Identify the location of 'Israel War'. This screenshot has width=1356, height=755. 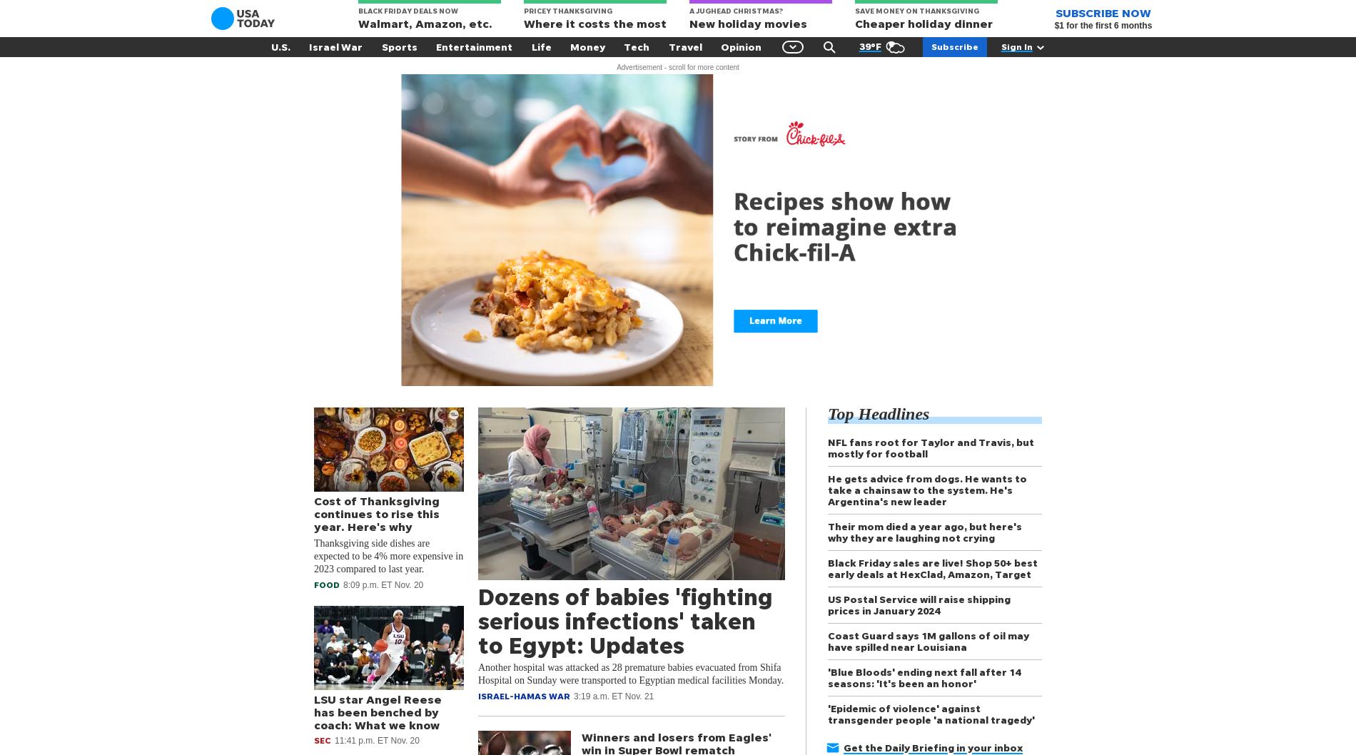
(335, 46).